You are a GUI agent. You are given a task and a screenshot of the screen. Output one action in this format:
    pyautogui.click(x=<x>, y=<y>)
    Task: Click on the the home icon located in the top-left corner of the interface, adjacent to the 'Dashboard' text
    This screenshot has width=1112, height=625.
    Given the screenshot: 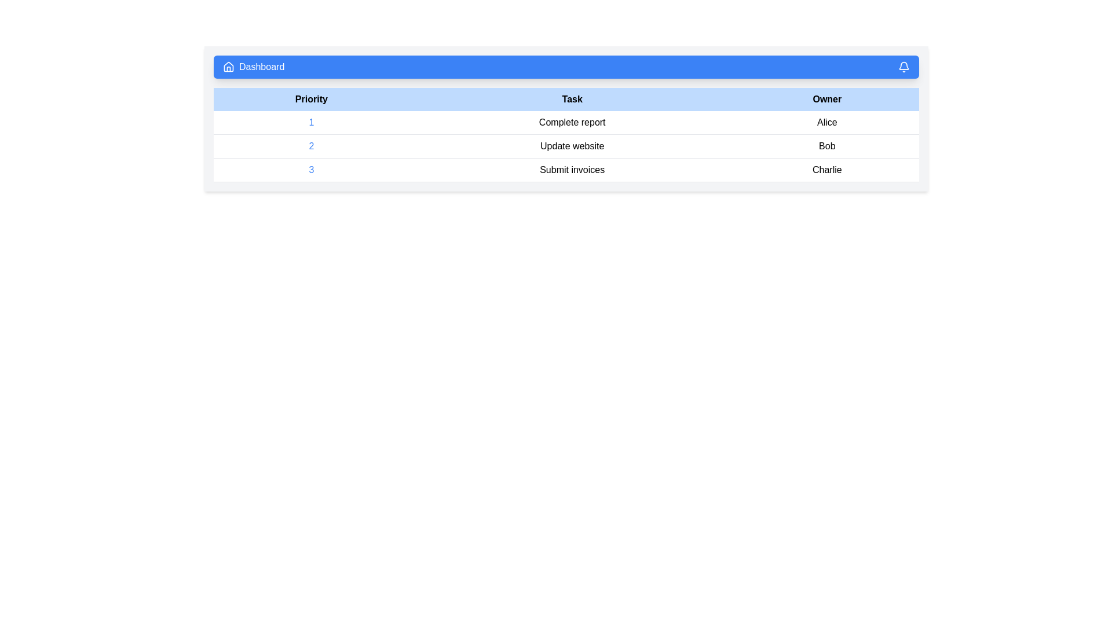 What is the action you would take?
    pyautogui.click(x=228, y=67)
    